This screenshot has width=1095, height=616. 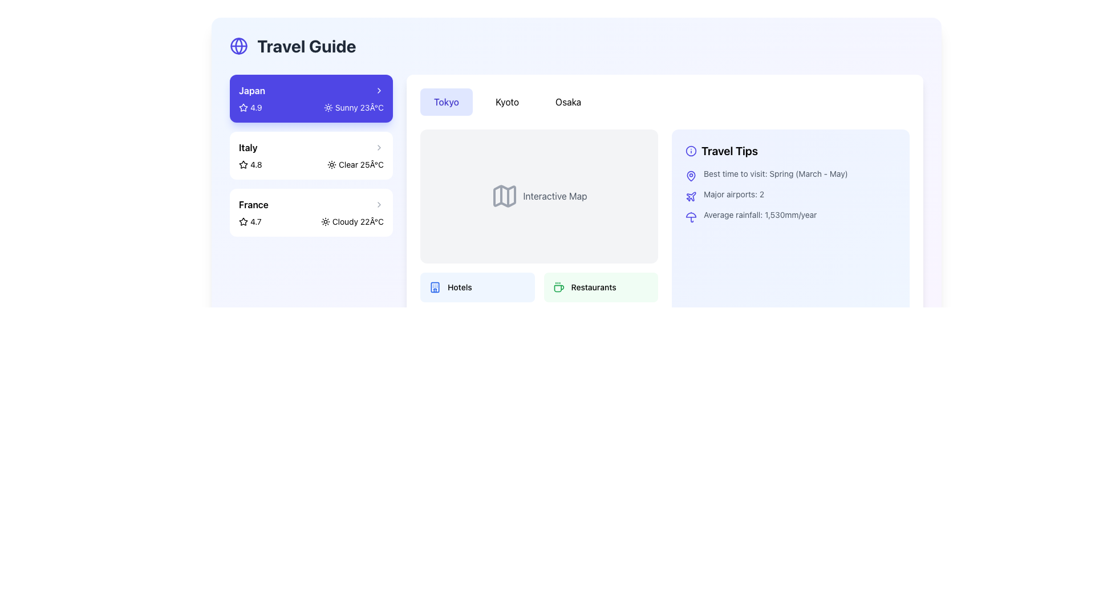 I want to click on the 'Italy' Text label entry in the Travel Guide list for further details, so click(x=248, y=147).